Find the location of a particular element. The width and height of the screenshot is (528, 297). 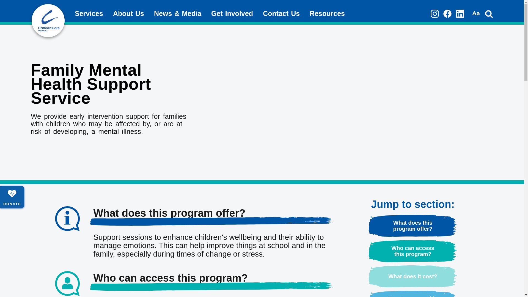

'DONATE' is located at coordinates (12, 197).